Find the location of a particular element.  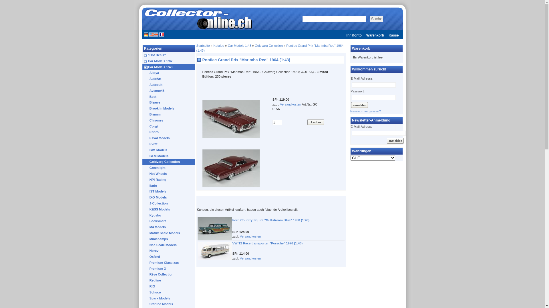

'Esval Models' is located at coordinates (169, 138).